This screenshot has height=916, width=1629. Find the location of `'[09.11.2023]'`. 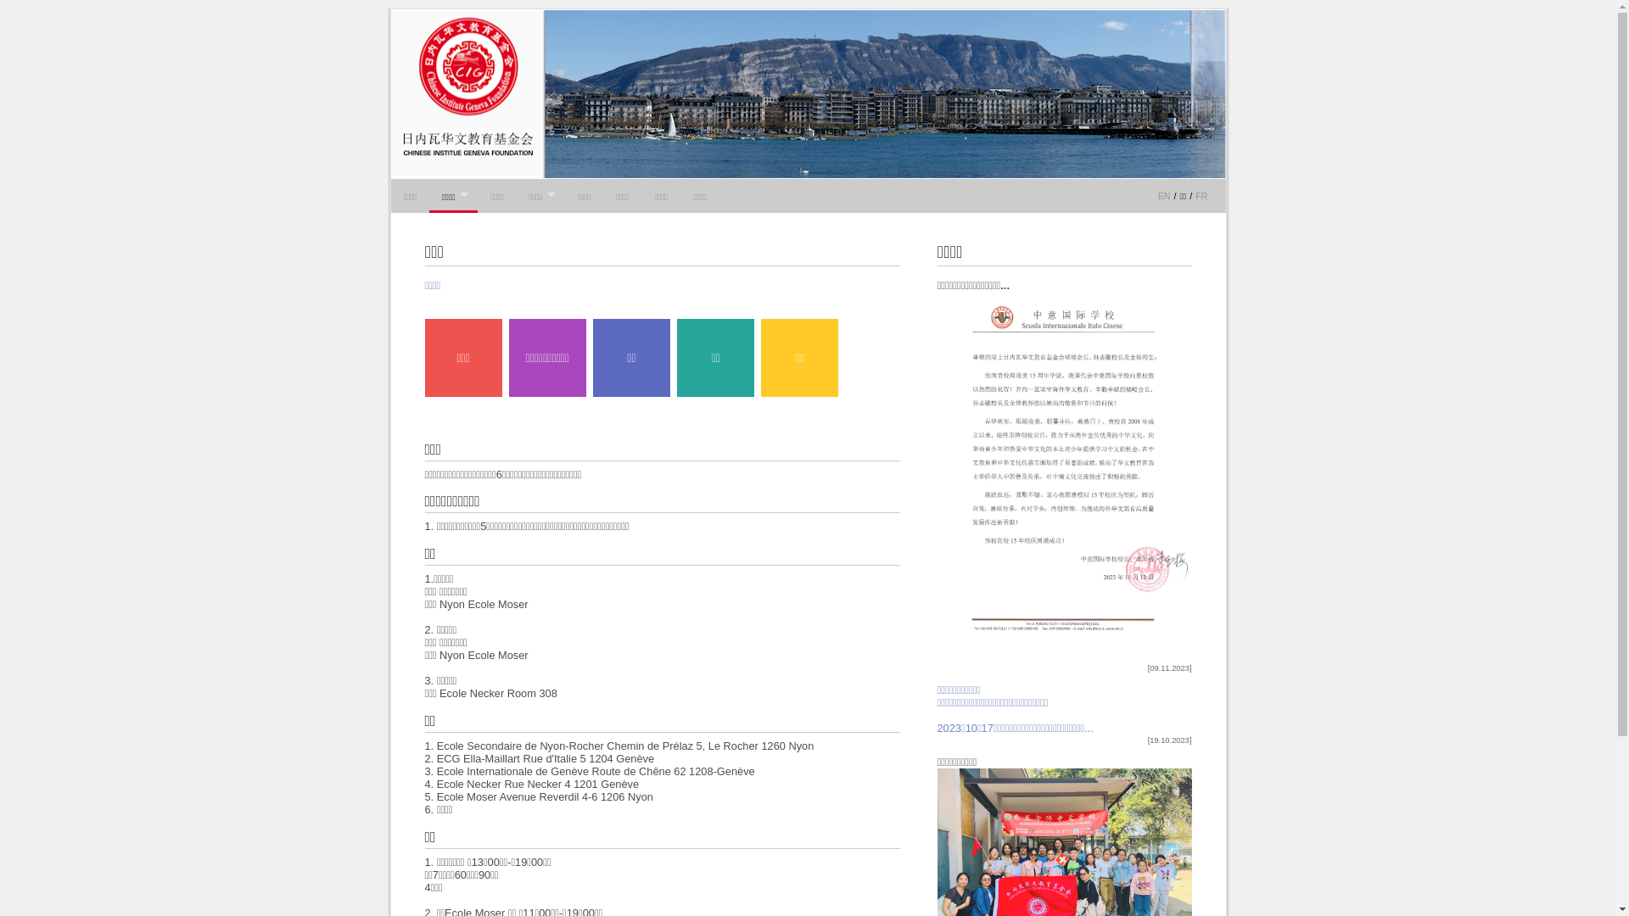

'[09.11.2023]' is located at coordinates (1062, 667).